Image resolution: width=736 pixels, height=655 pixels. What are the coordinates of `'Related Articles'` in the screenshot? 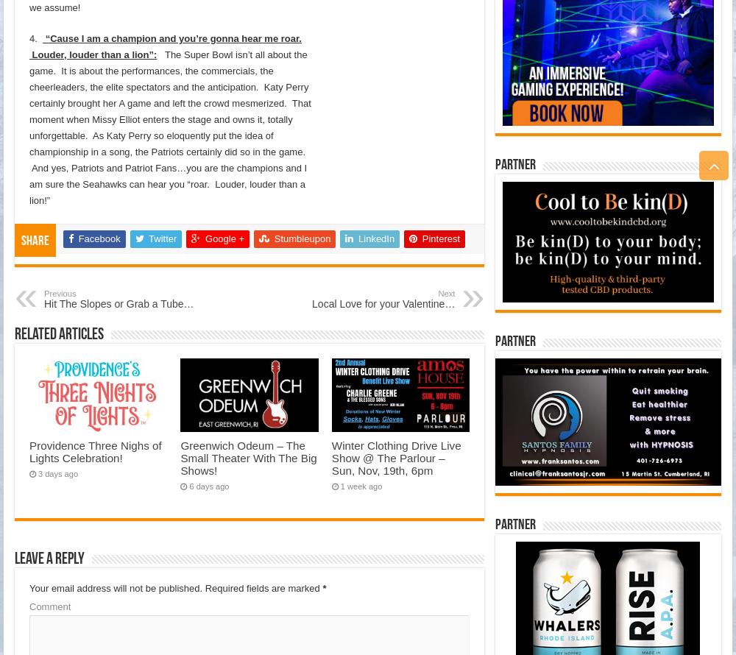 It's located at (58, 334).